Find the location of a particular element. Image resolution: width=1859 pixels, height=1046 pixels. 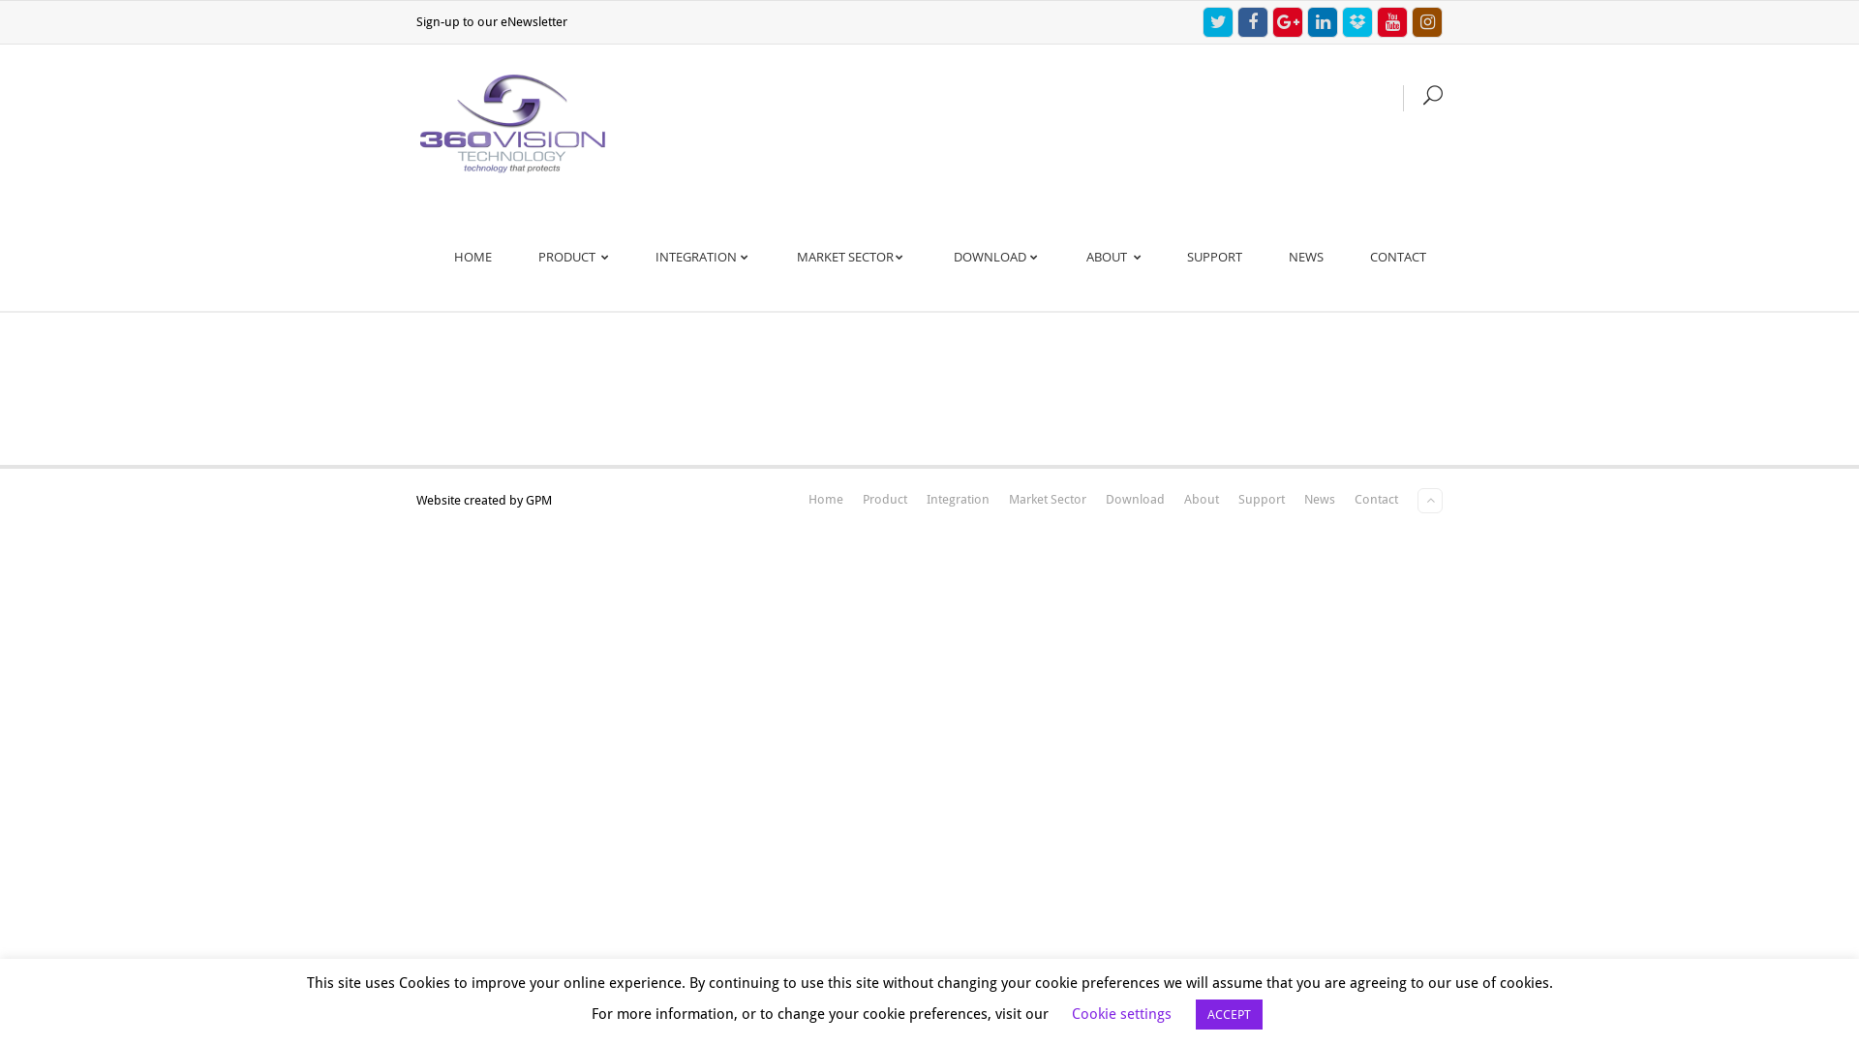

'SUPPORT' is located at coordinates (1170, 256).